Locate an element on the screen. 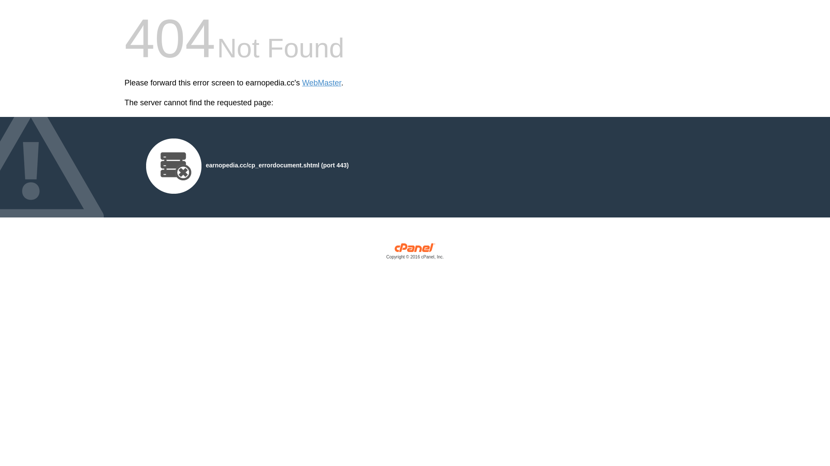 The width and height of the screenshot is (830, 466). 'WebMaster' is located at coordinates (302, 83).